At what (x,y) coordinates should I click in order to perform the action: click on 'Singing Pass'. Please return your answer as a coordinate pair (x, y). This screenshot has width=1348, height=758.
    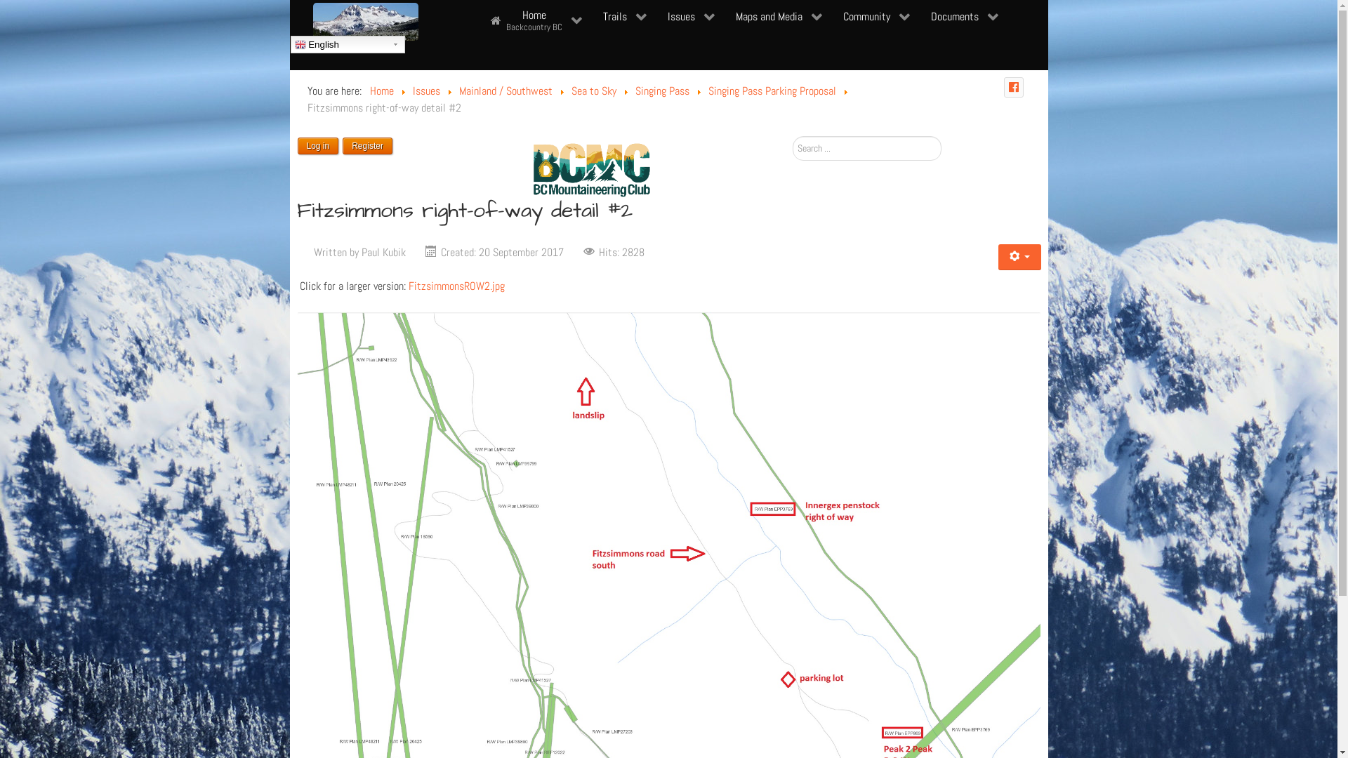
    Looking at the image, I should click on (661, 91).